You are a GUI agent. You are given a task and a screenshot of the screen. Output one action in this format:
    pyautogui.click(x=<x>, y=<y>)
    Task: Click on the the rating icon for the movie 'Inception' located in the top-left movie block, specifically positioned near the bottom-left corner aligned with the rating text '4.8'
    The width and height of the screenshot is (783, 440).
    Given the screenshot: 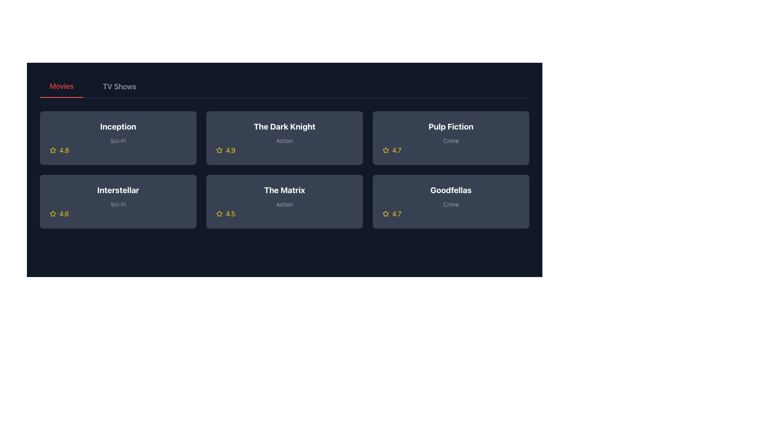 What is the action you would take?
    pyautogui.click(x=52, y=150)
    